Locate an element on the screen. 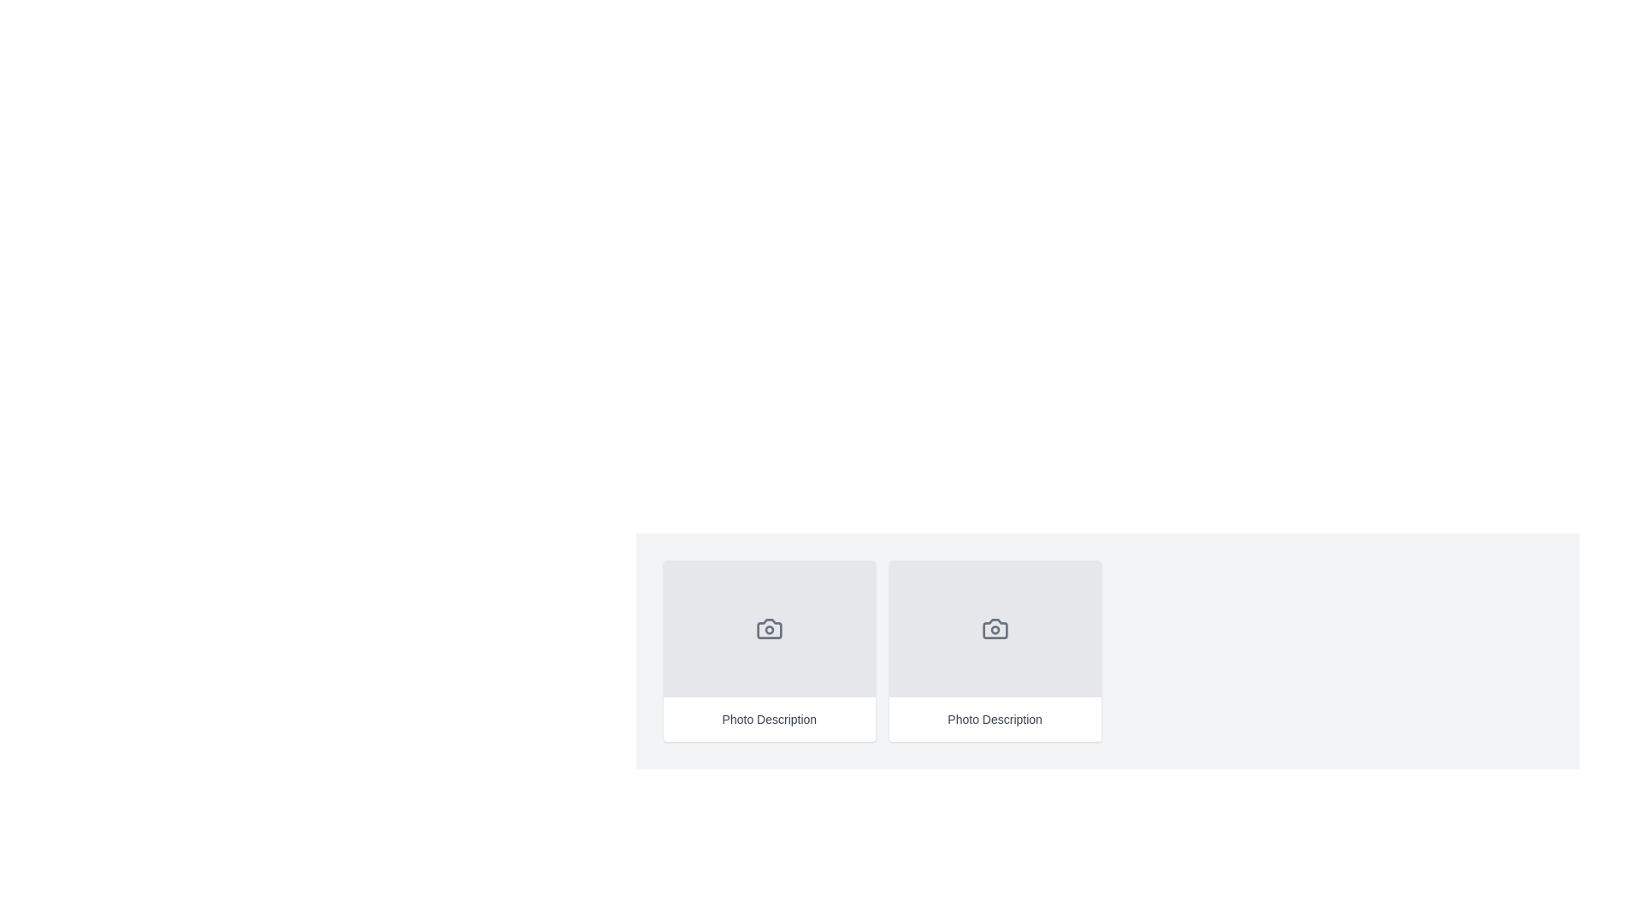 Image resolution: width=1642 pixels, height=923 pixels. the camera icon, which is styled with a gray color and has a rounded-corner design, located within the first card from the left, accompanied by the label 'Photo Description' is located at coordinates (768, 629).